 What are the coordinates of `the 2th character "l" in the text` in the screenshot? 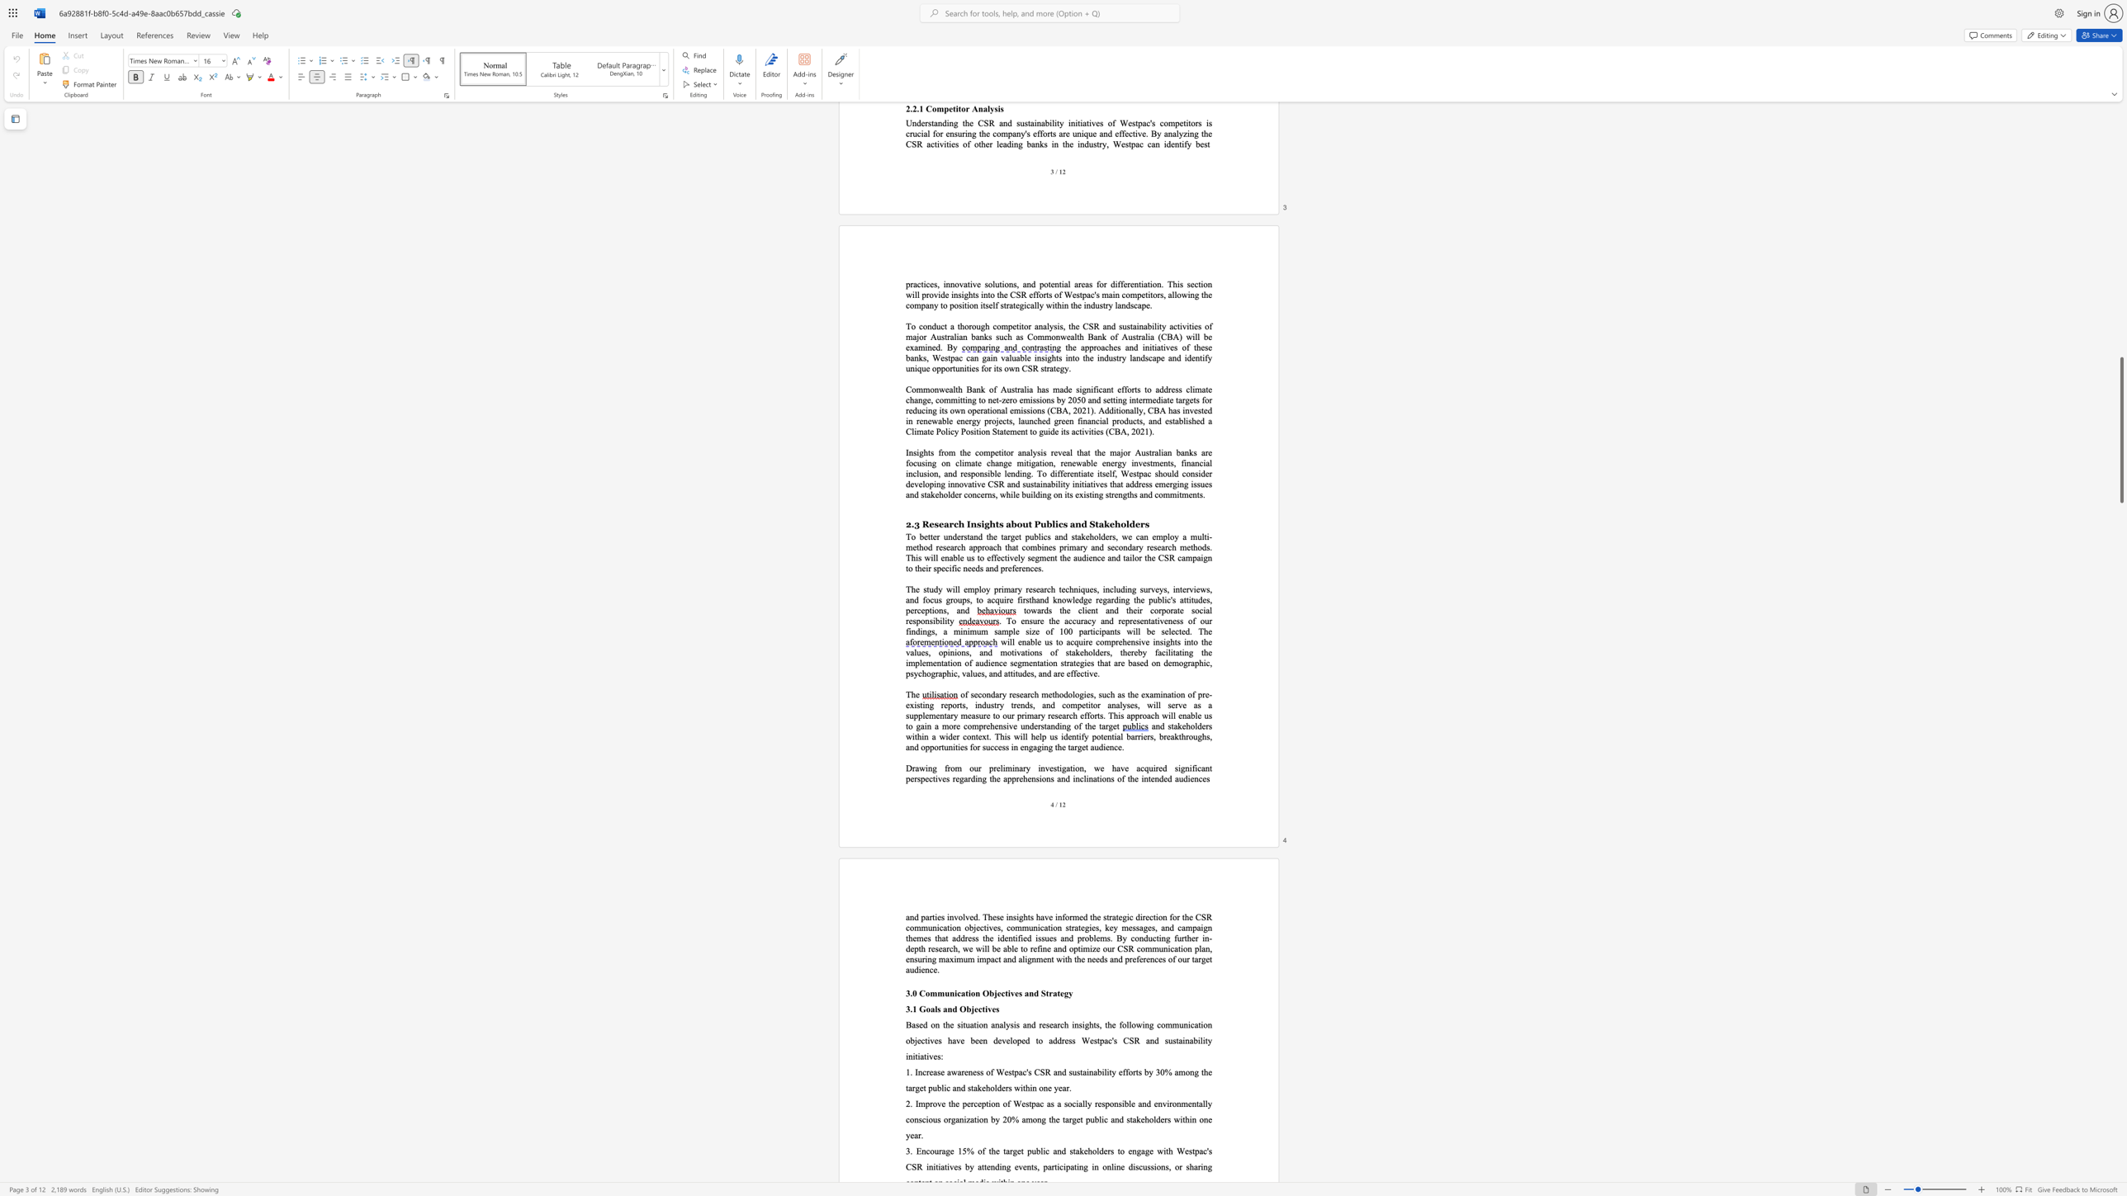 It's located at (1093, 652).